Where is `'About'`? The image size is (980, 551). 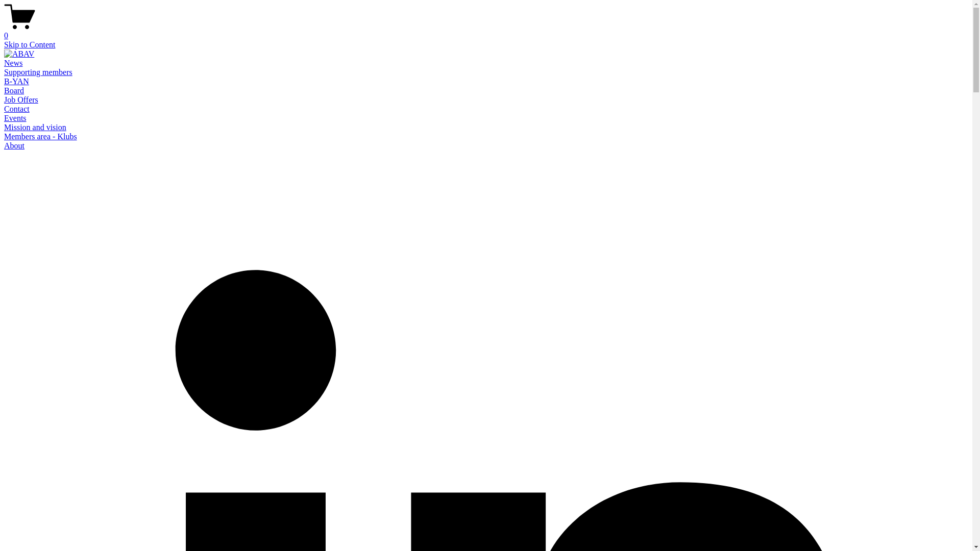
'About' is located at coordinates (14, 145).